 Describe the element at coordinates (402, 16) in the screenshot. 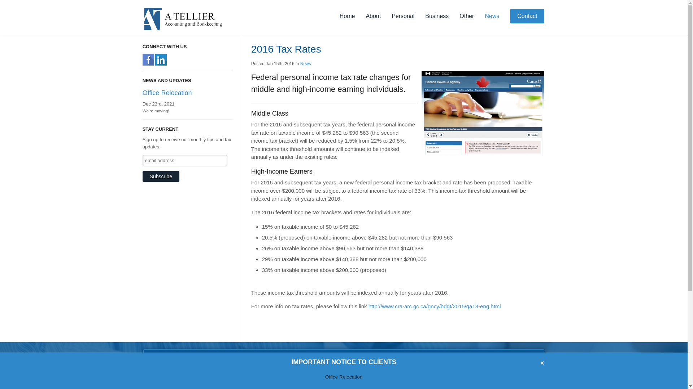

I see `'Personal'` at that location.